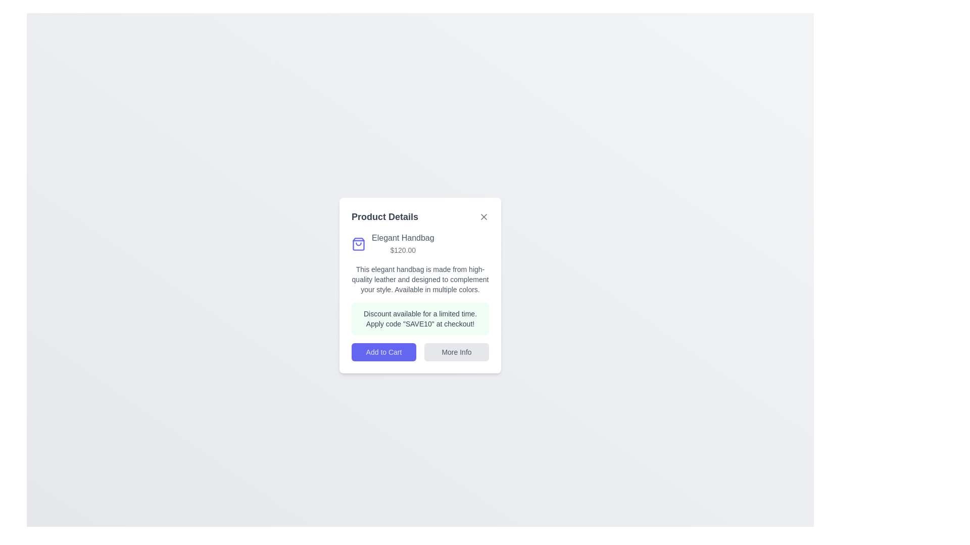 This screenshot has width=970, height=545. I want to click on text block containing the description of the handbag, which is styled with gray text on a white background, located below the title and price in the product details popup, so click(420, 280).